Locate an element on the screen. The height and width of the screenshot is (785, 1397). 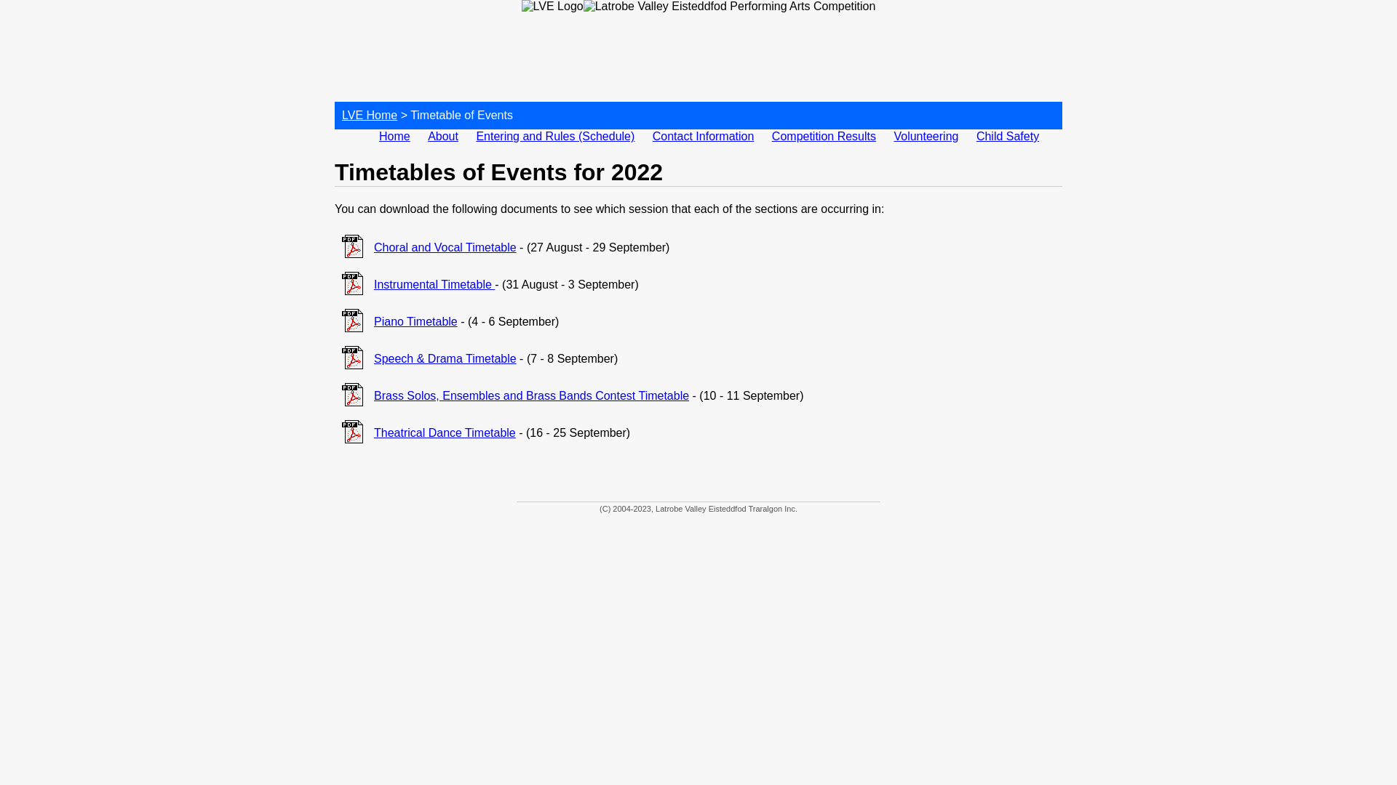
'Home' is located at coordinates (394, 136).